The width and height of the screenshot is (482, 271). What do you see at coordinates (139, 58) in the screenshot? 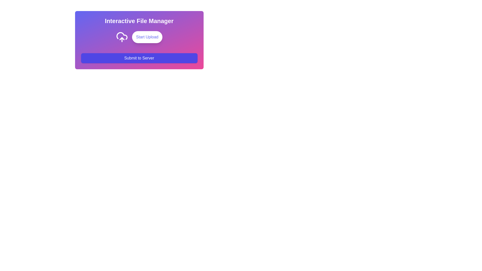
I see `the 'Submit to Server' button, which is a rectangular button with an indigo background and white bold text, located below the 'Start Upload' button` at bounding box center [139, 58].